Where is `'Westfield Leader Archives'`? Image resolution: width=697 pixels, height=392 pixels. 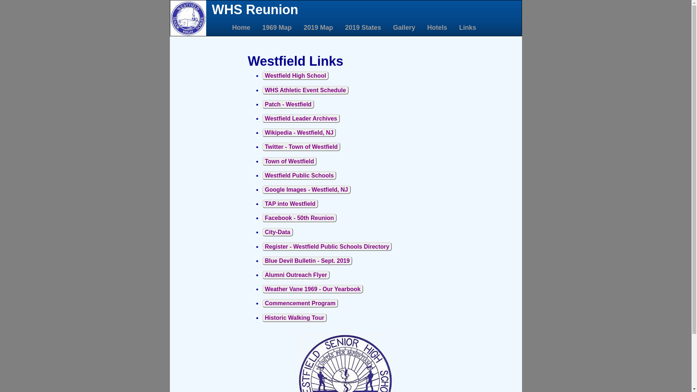
'Westfield Leader Archives' is located at coordinates (301, 118).